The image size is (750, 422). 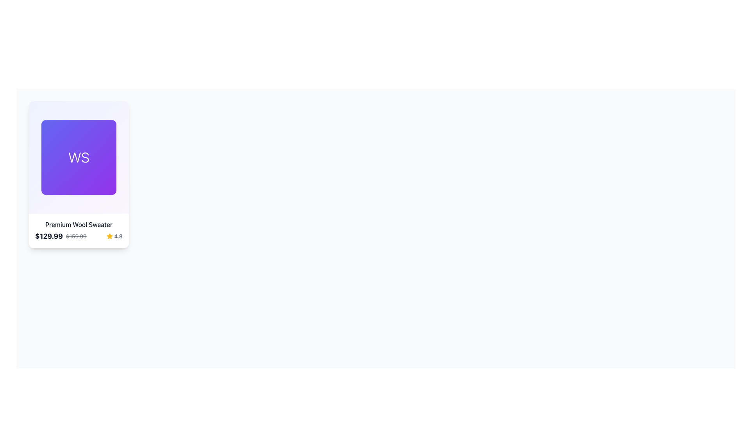 What do you see at coordinates (79, 230) in the screenshot?
I see `the price in the detailed product description section located at the bottom of the card-style component that contains a gradient header with 'WS'` at bounding box center [79, 230].